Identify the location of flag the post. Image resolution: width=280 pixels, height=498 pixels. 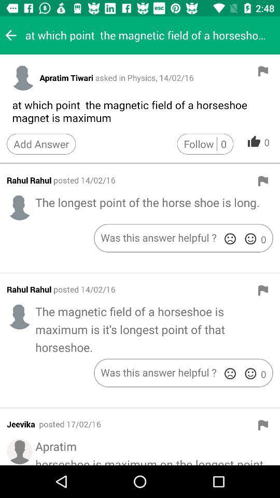
(263, 181).